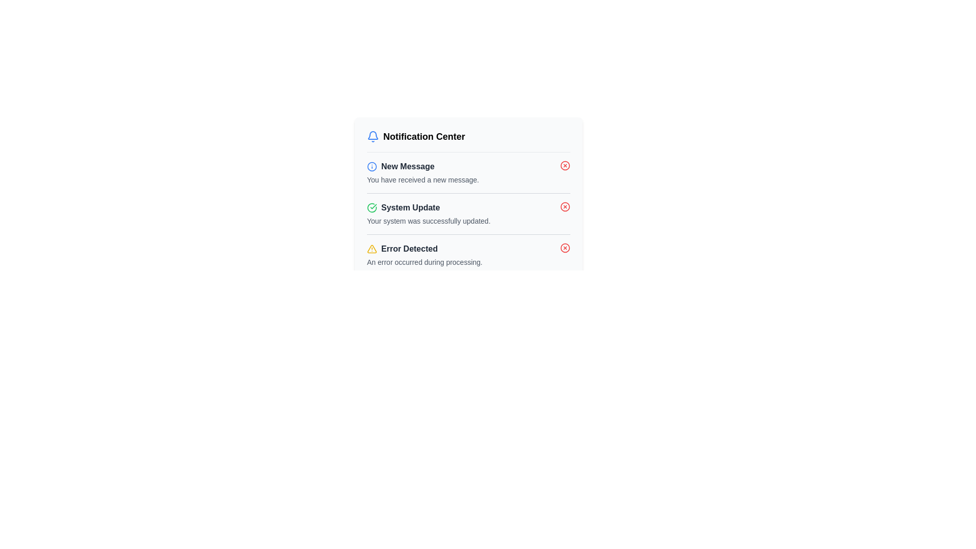 The image size is (976, 549). Describe the element at coordinates (410, 207) in the screenshot. I see `text label 'System Update' which is styled in bold and medium gray, positioned below the 'New Message' notification and above the 'Error Detected' notification, with a green check icon to its left` at that location.